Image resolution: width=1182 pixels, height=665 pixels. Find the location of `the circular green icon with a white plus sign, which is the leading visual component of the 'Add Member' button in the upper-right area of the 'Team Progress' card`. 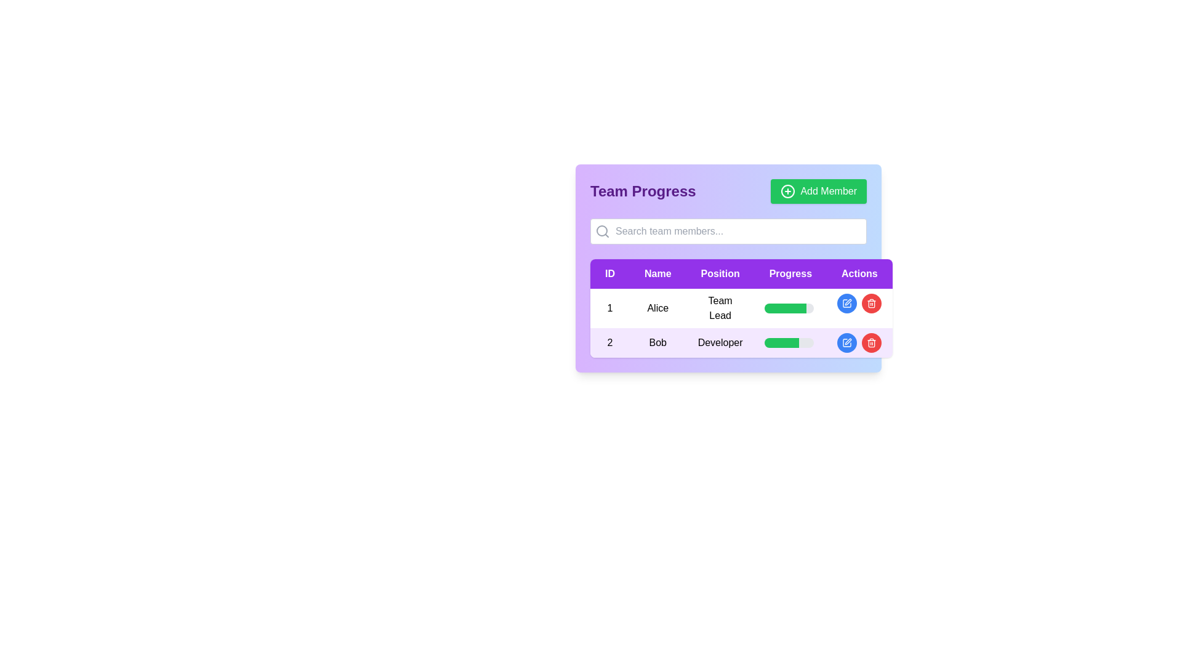

the circular green icon with a white plus sign, which is the leading visual component of the 'Add Member' button in the upper-right area of the 'Team Progress' card is located at coordinates (788, 191).